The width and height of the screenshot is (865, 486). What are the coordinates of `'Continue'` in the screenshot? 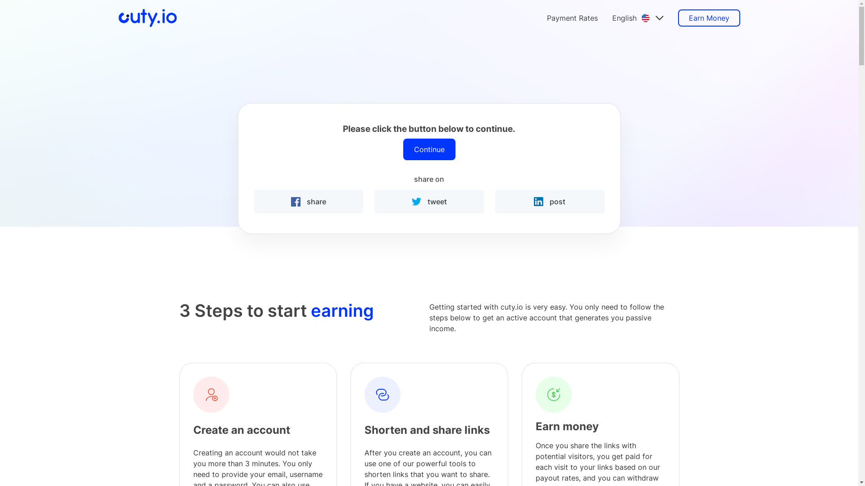 It's located at (402, 148).